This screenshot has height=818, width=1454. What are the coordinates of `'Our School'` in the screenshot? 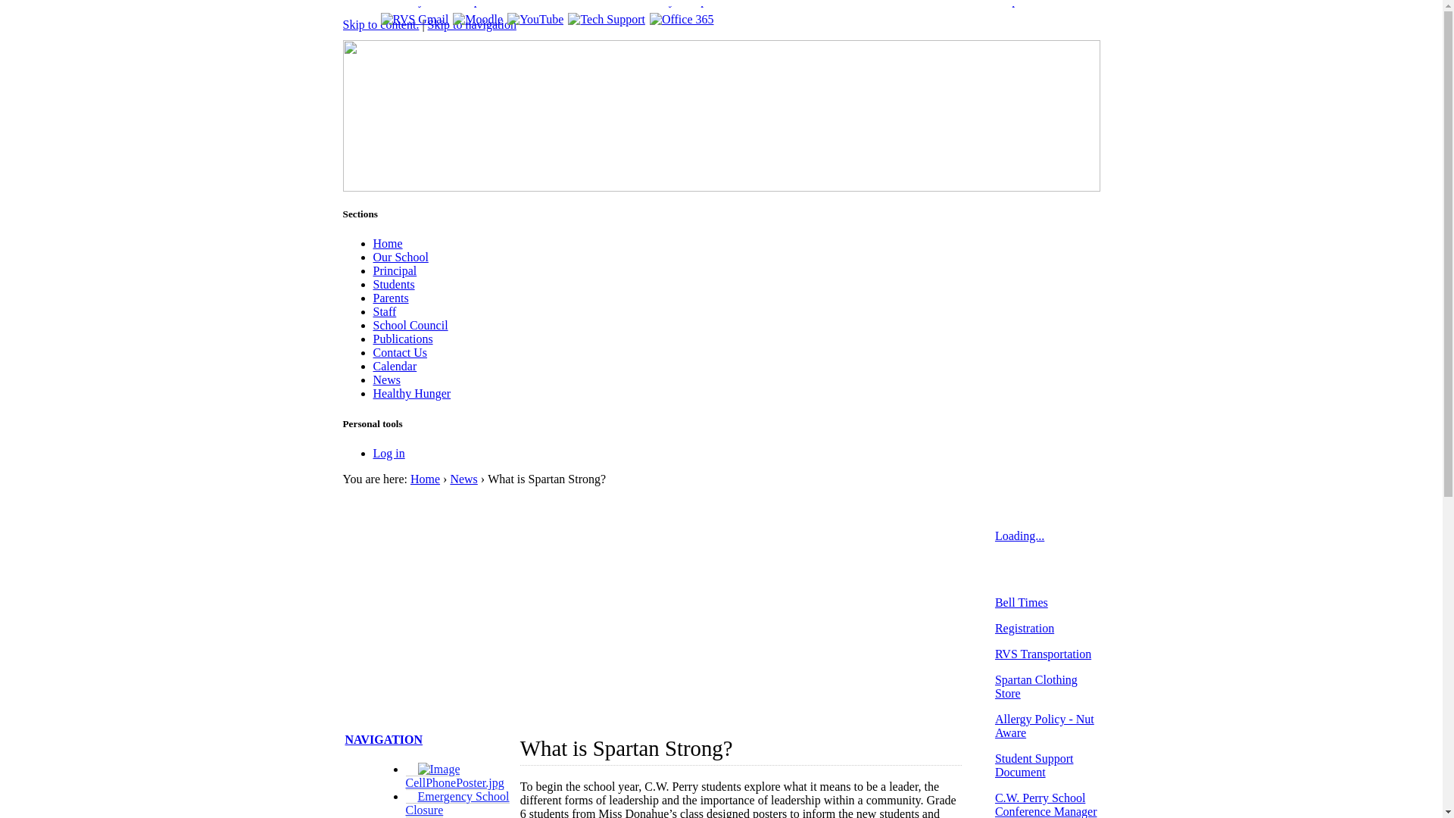 It's located at (400, 256).